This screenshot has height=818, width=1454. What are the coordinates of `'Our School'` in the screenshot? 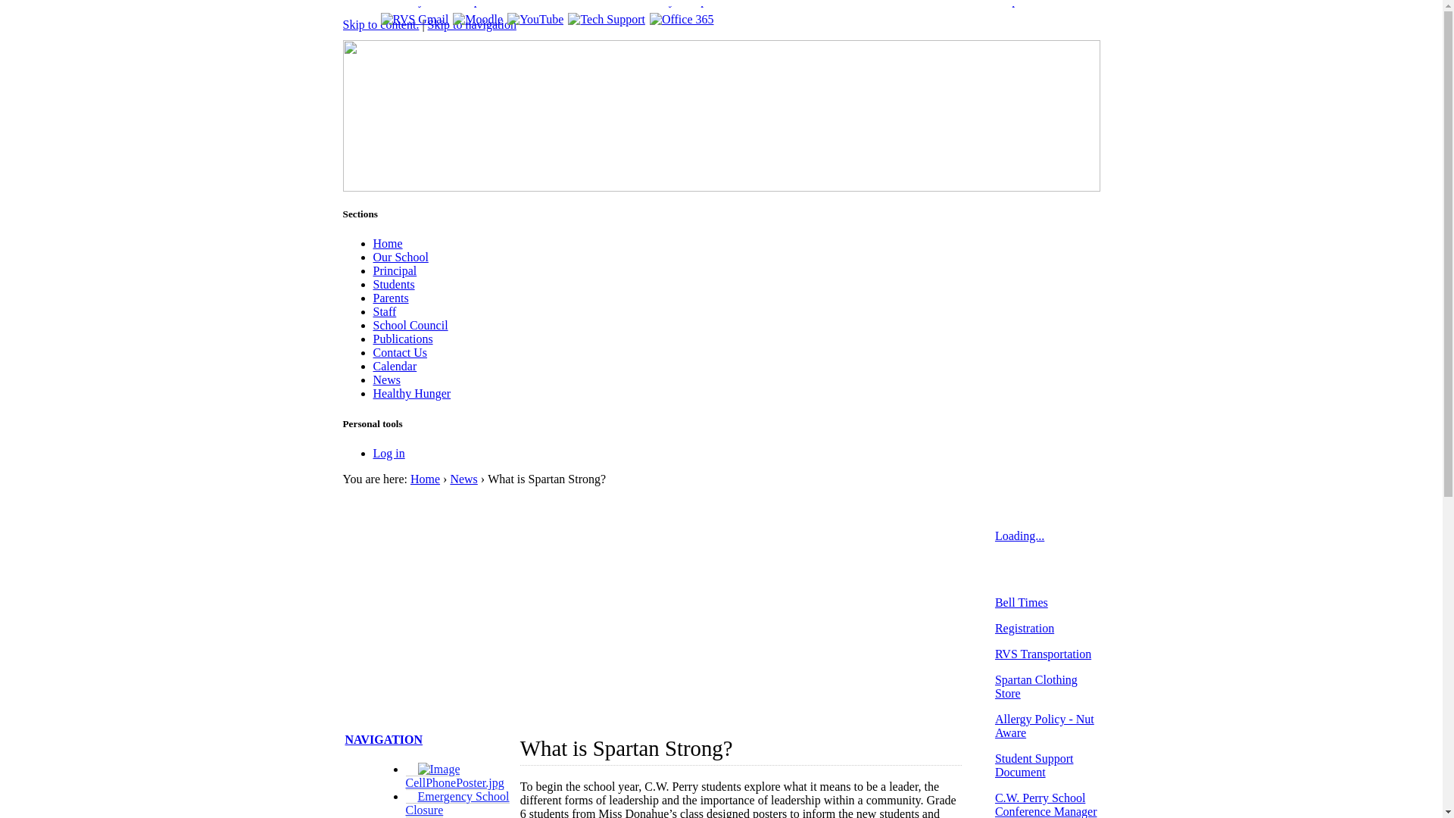 It's located at (400, 256).